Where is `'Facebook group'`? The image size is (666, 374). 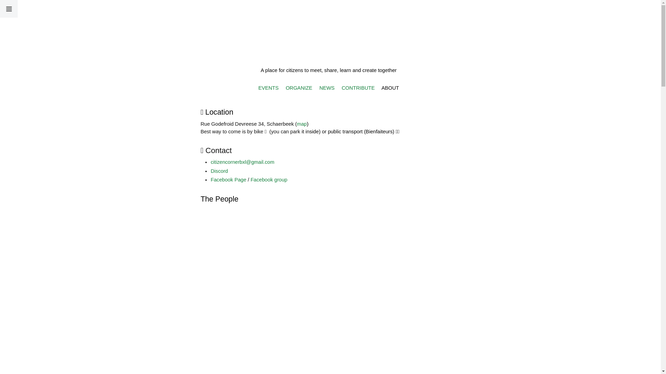 'Facebook group' is located at coordinates (268, 179).